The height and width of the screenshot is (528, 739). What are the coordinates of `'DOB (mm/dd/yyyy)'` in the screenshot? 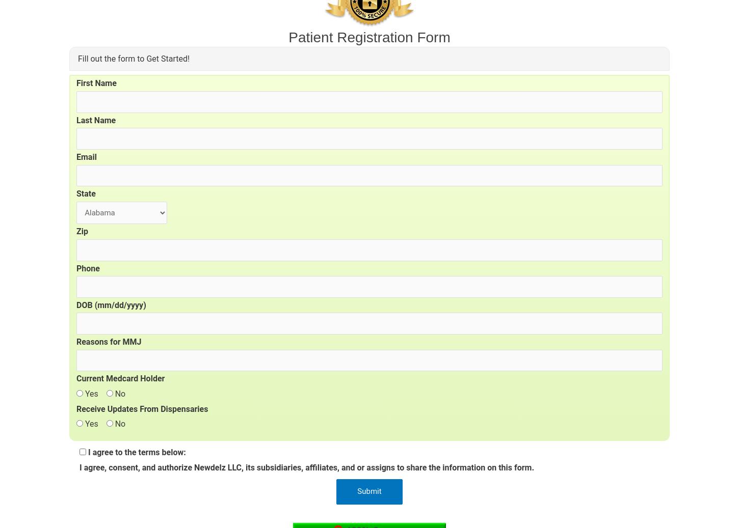 It's located at (110, 304).